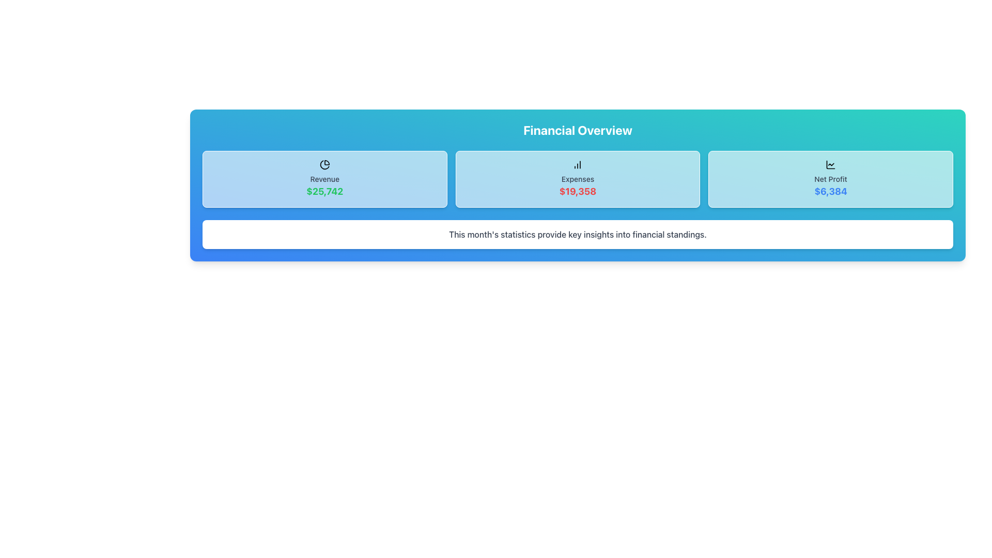 The image size is (992, 558). I want to click on the displayed net profit value on the summary card UI component located in the financial dashboard, which is the third card in a row of three summary widgets, so click(831, 179).